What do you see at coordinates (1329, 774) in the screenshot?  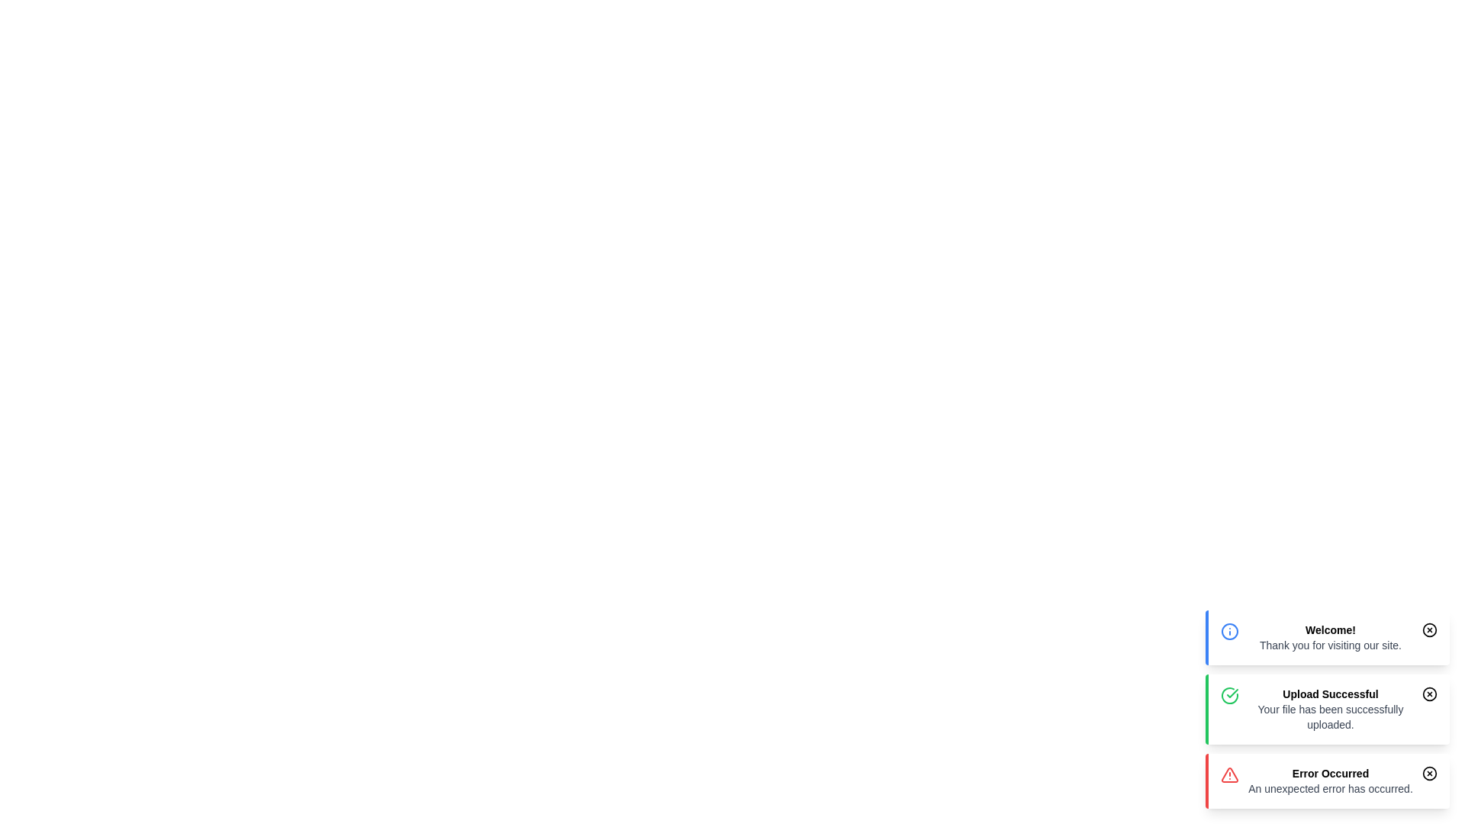 I see `the error notification title text label positioned at the bottom-right corner of the interface` at bounding box center [1329, 774].